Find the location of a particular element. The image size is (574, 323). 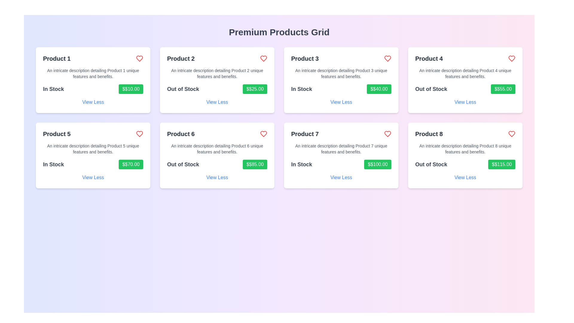

the sixth product card in the e-commerce interface is located at coordinates (217, 155).